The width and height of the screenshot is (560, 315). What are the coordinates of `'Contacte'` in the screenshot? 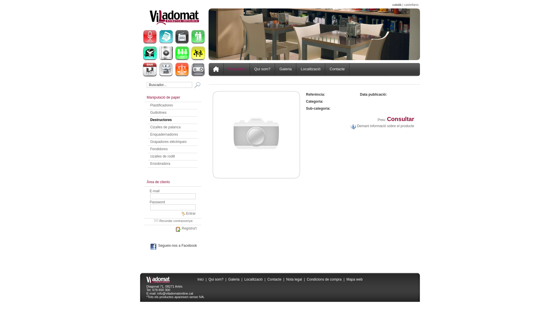 It's located at (337, 69).